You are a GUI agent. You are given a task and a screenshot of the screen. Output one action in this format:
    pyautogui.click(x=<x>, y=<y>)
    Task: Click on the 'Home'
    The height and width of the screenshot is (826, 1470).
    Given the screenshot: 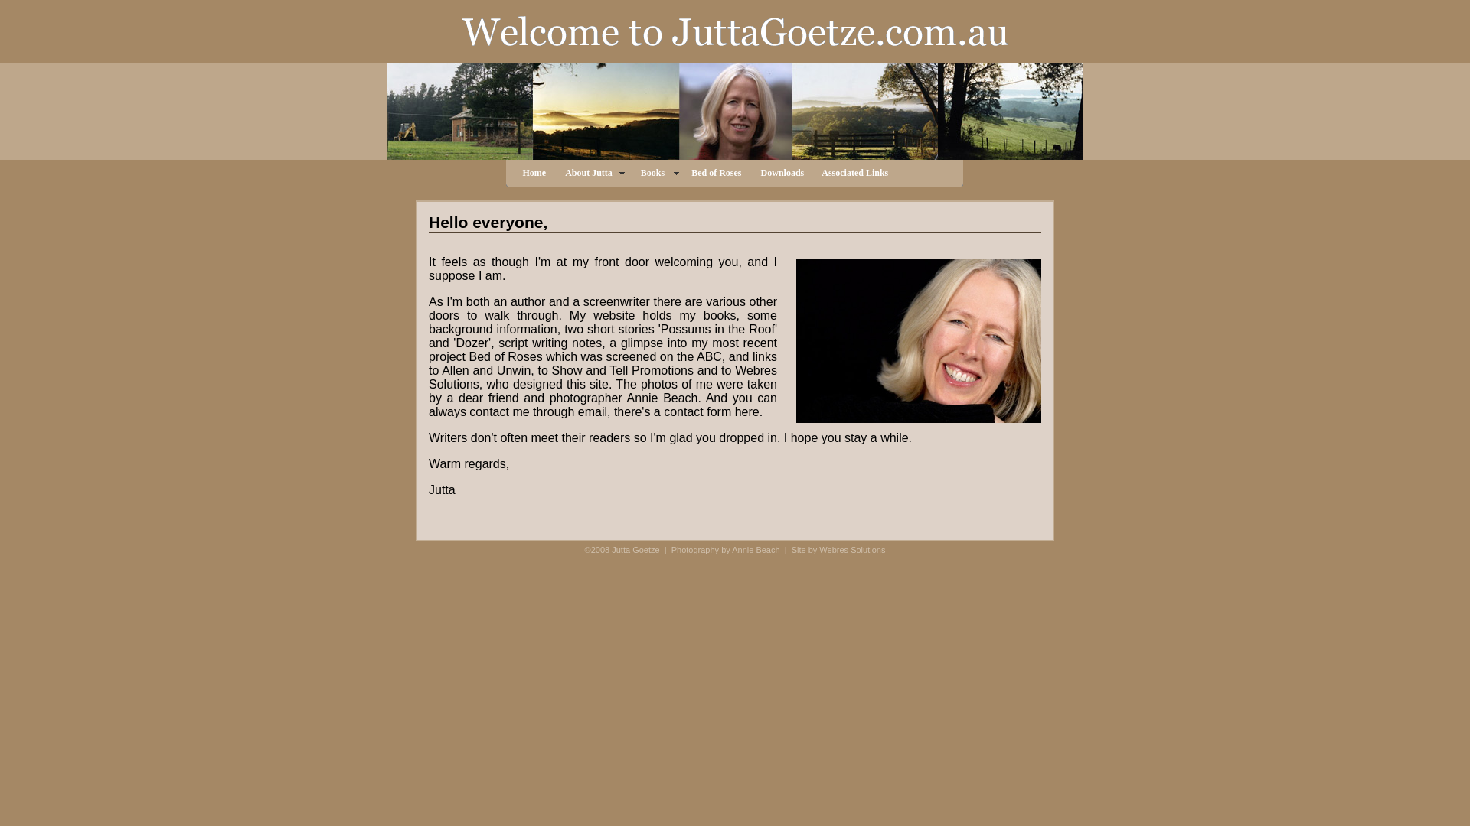 What is the action you would take?
    pyautogui.click(x=536, y=172)
    